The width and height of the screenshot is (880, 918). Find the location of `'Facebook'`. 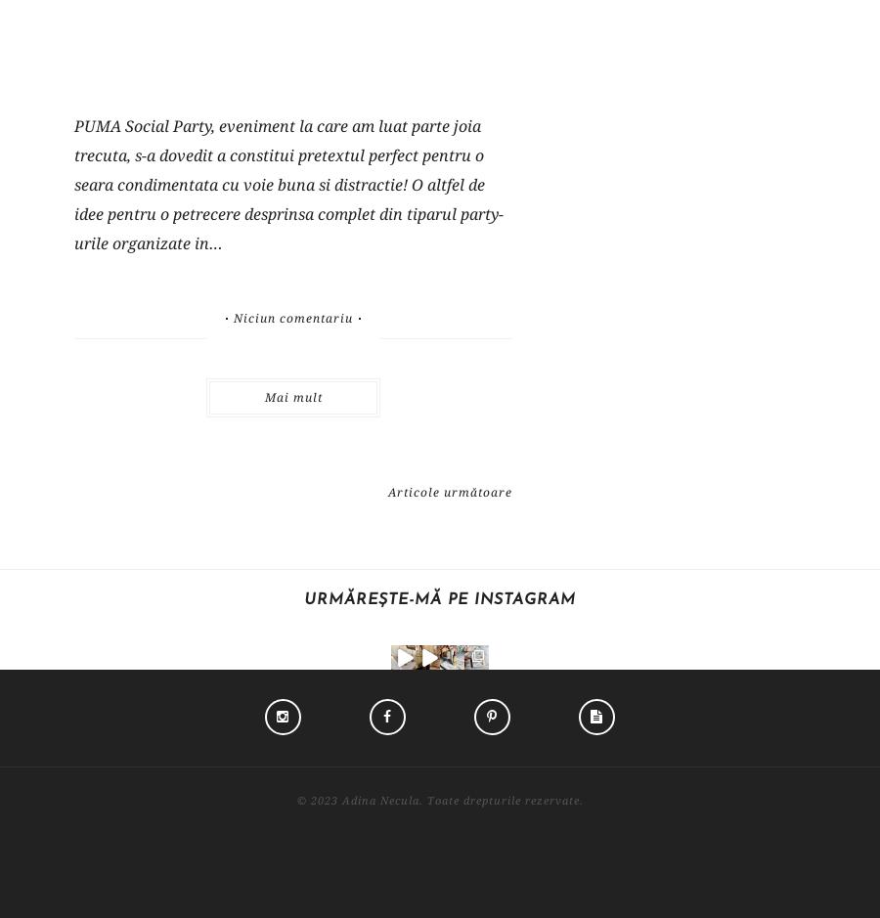

'Facebook' is located at coordinates (443, 707).